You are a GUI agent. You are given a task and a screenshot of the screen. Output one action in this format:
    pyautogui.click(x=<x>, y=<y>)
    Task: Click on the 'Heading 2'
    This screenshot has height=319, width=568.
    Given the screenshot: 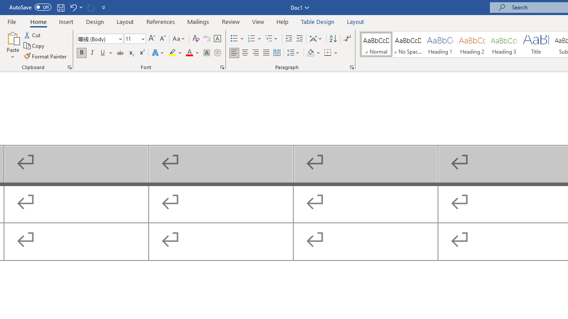 What is the action you would take?
    pyautogui.click(x=471, y=44)
    